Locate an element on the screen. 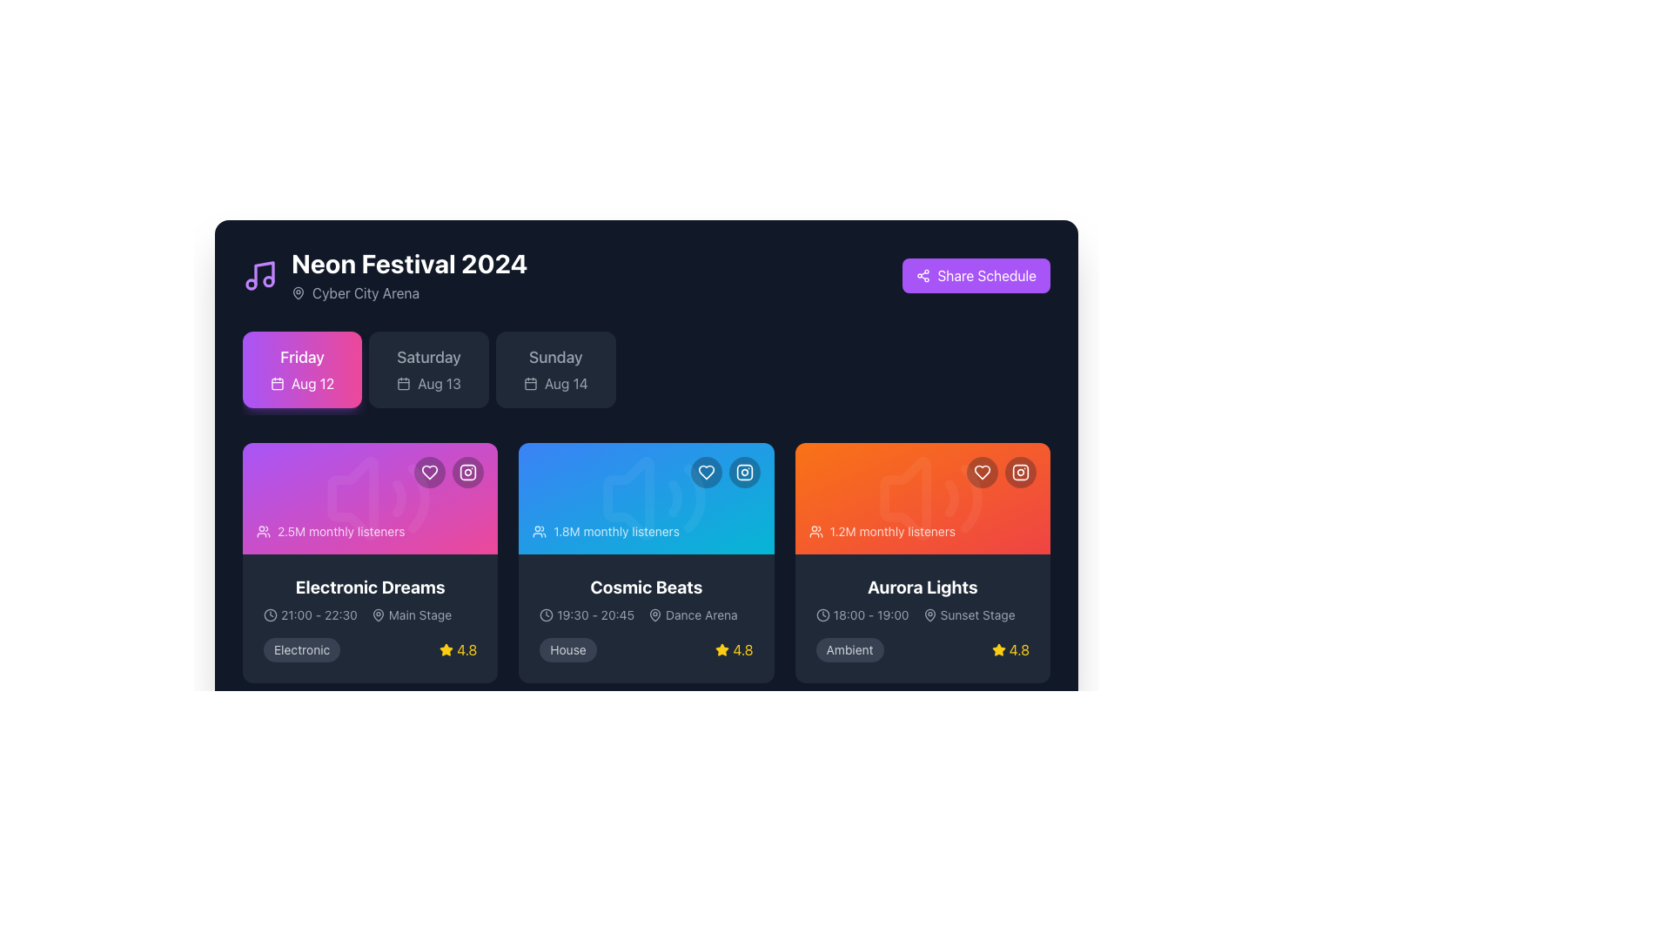  the heart-shaped icon with a hollow interior located at the top-right corner of the 'Electronic Dreams' card to like or favorite it is located at coordinates (430, 473).